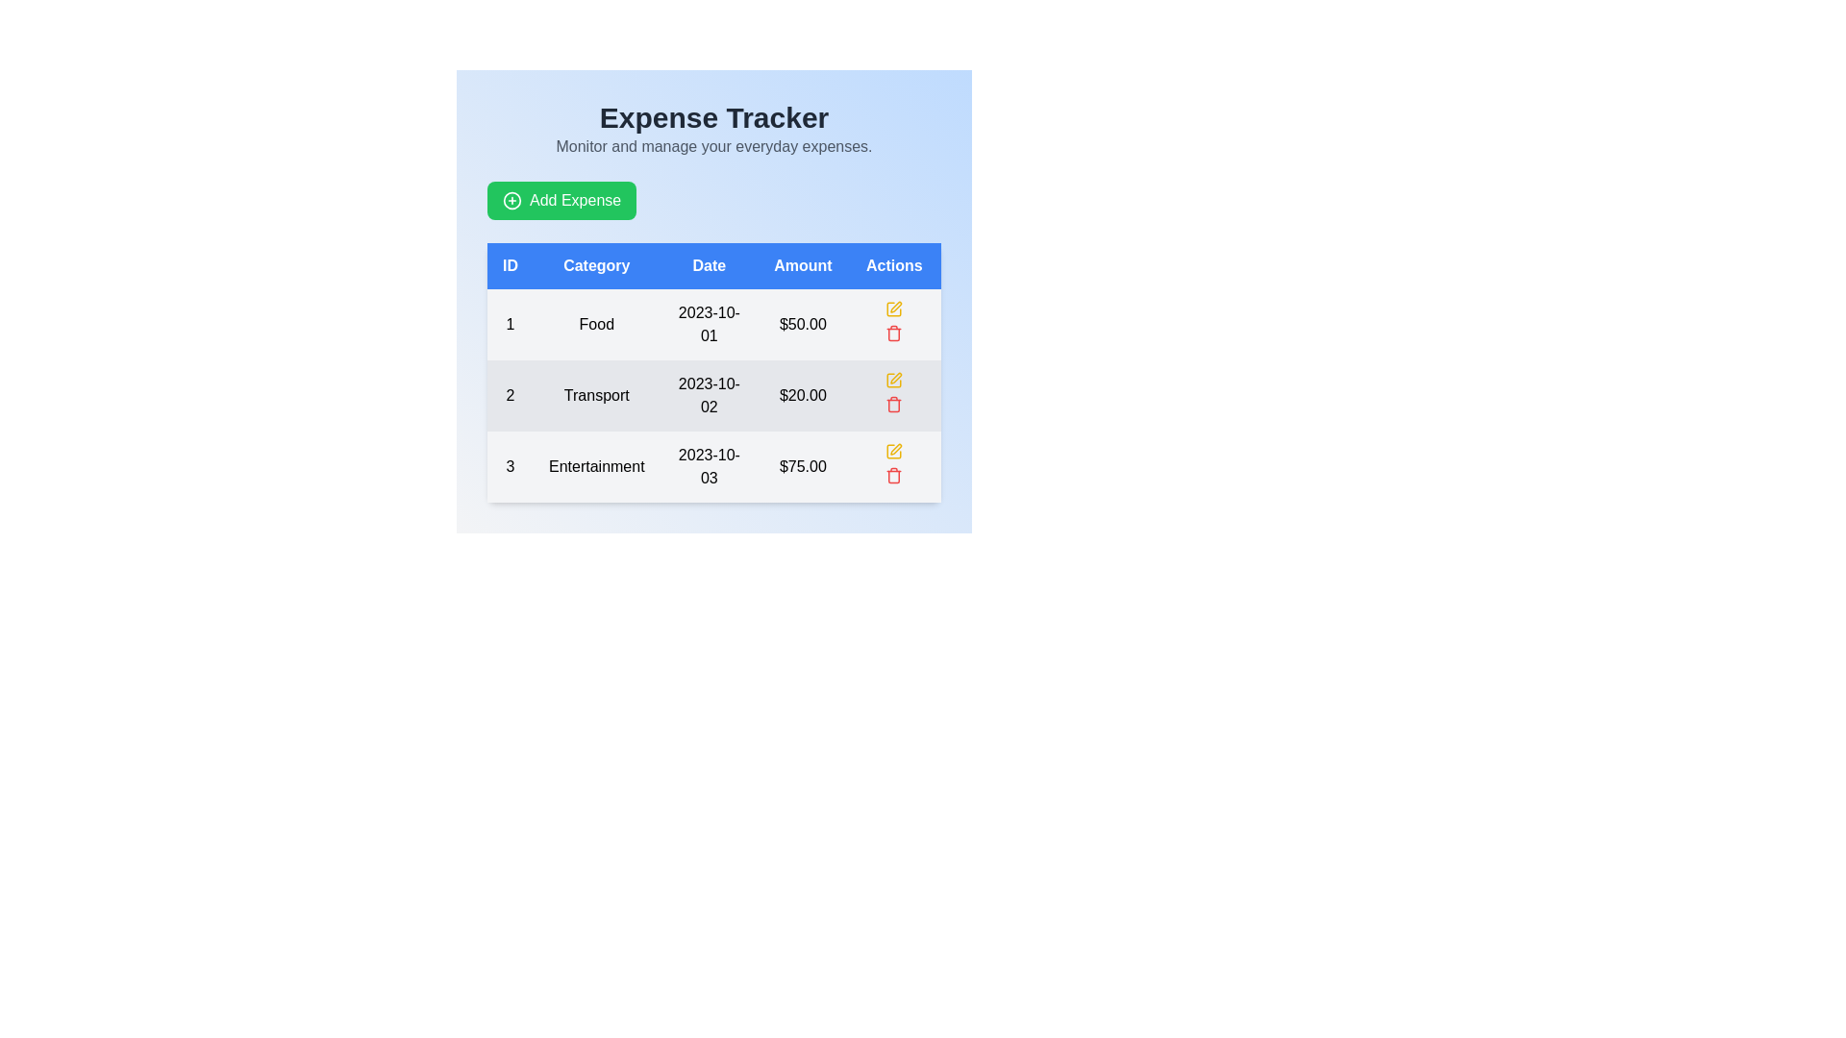  Describe the element at coordinates (803, 324) in the screenshot. I see `the text label displaying '$50.00' in bold black font located in the fourth column of the 'Food' row under the 'Amount' heading in the table` at that location.